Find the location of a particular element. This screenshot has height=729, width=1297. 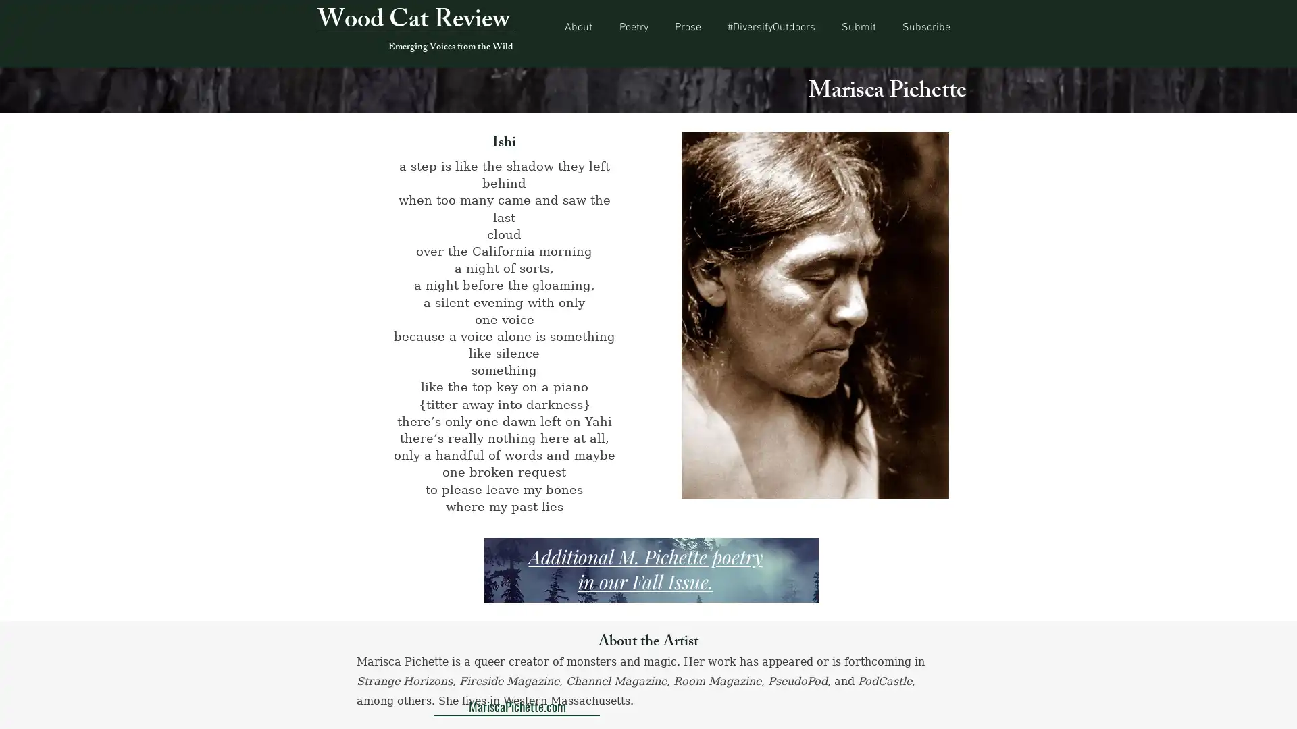

Settings is located at coordinates (1169, 707).